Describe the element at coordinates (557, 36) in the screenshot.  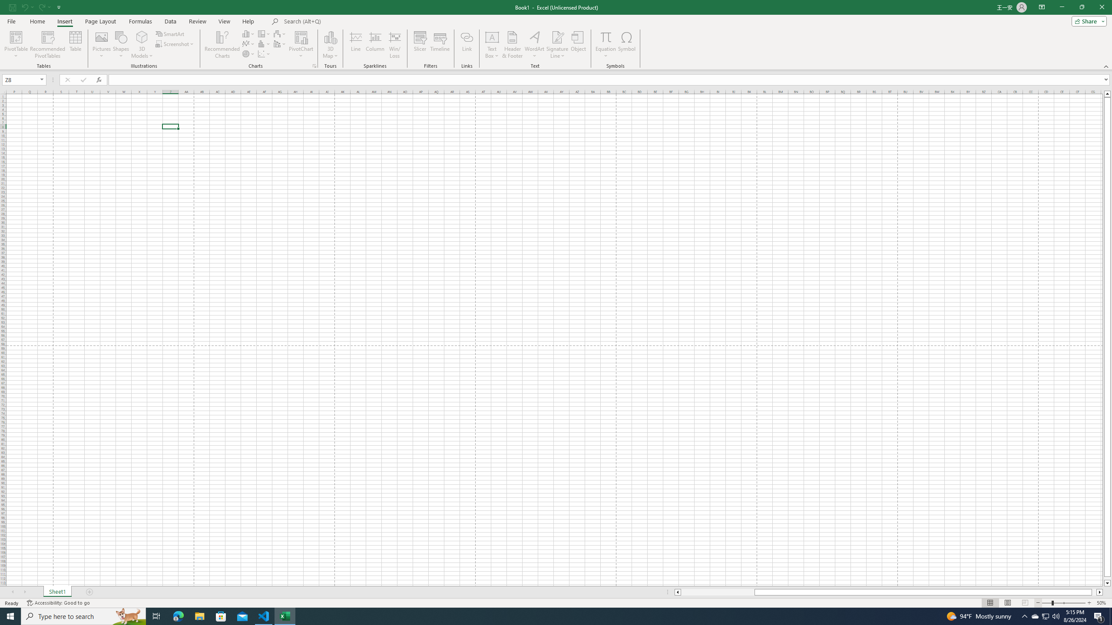
I see `'Signature Line'` at that location.